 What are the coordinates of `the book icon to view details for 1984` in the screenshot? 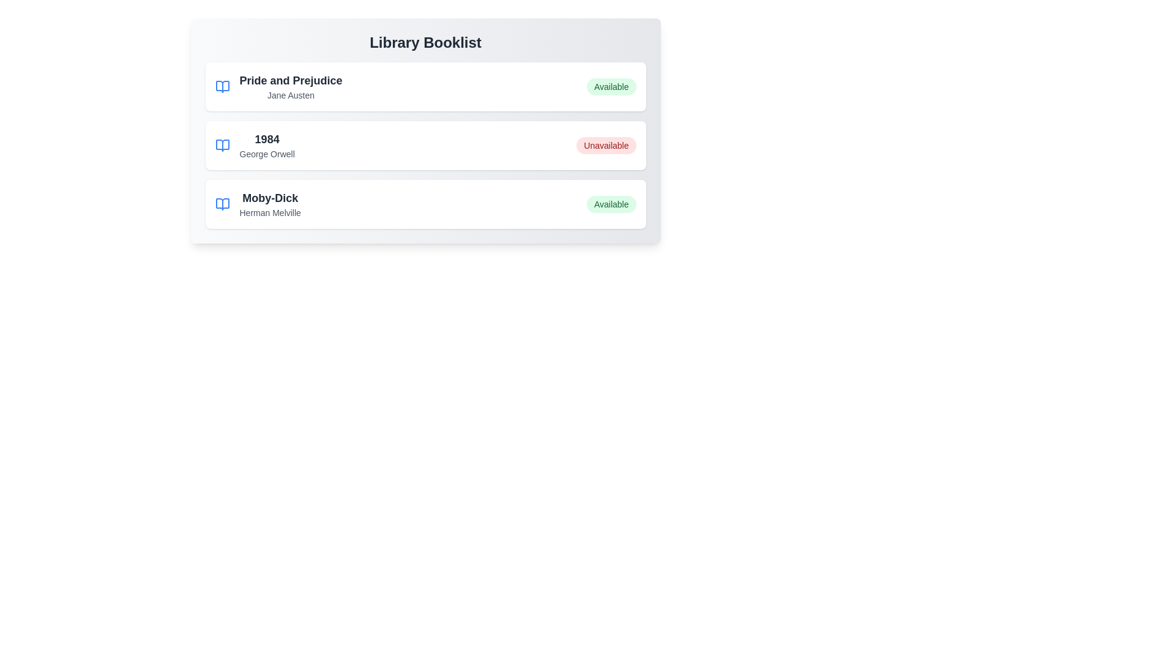 It's located at (222, 145).